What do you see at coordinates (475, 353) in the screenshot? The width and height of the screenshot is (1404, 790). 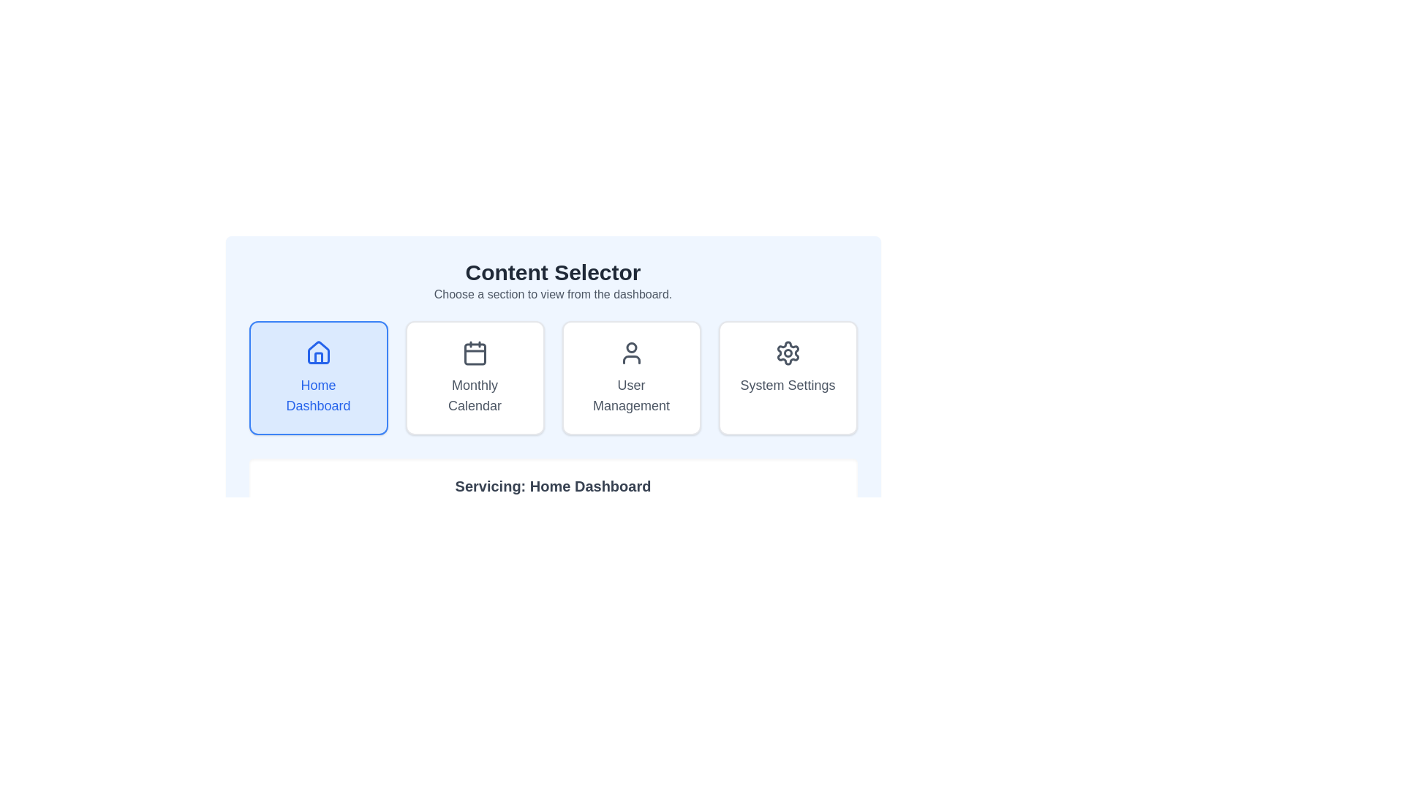 I see `the 'Monthly Calendar' icon, which is the second option from the left in the row of selectable sections` at bounding box center [475, 353].